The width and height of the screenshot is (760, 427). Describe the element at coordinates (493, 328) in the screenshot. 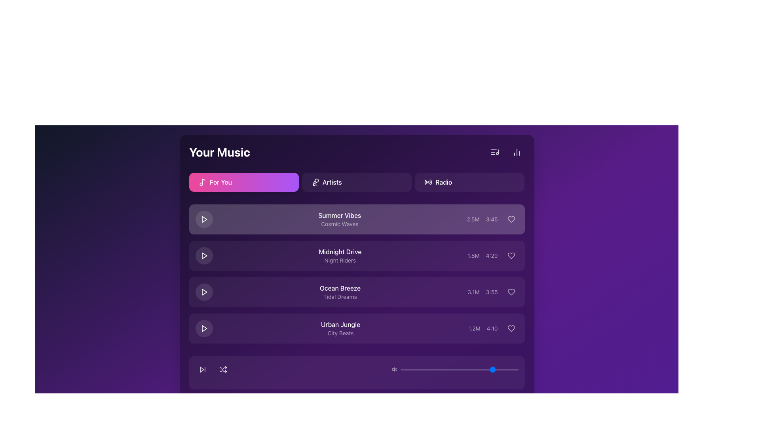

I see `displayed information from the text element showing the number of views ('1.2M') and duration ('4:10') of the 'Urban Jungle' track, located in the right section of the fourth row, aligned horizontally with the 'Urban Jungle' text, near the heart icon button` at that location.